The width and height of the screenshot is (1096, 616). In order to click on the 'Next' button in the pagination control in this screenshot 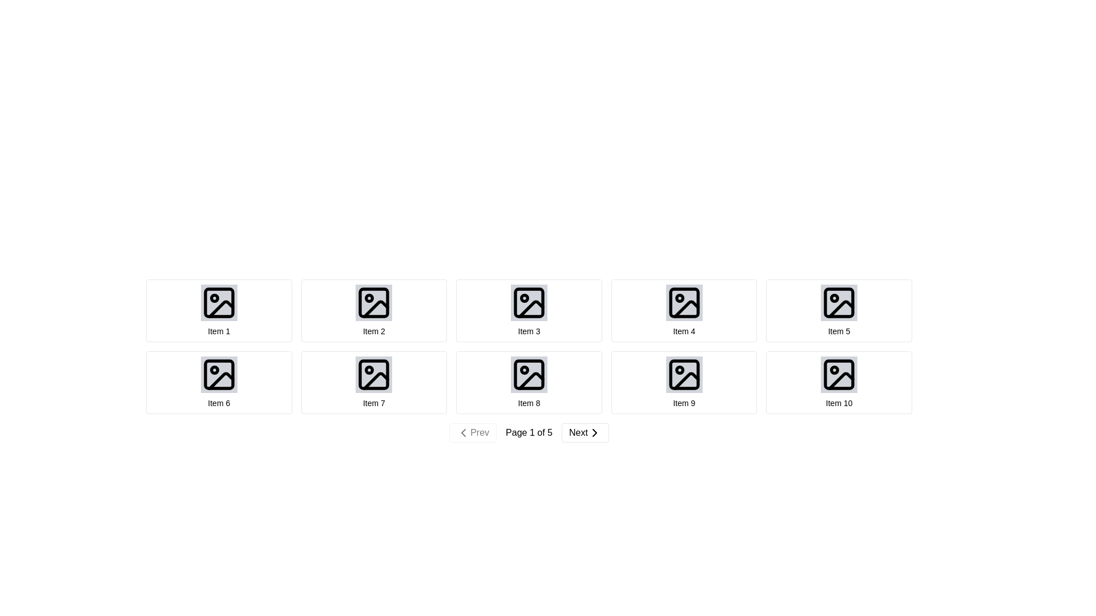, I will do `click(594, 433)`.